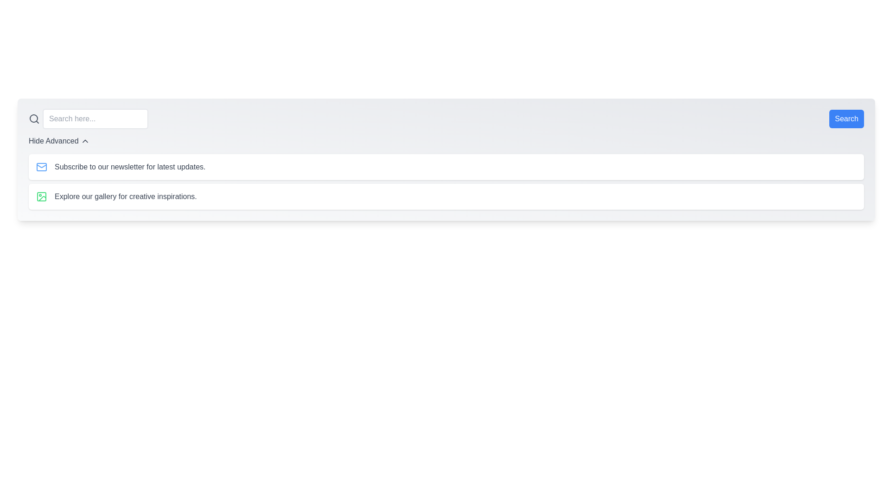  What do you see at coordinates (129, 167) in the screenshot?
I see `the static text reading 'Subscribe to our newsletter for latest updates.' which is styled in gray and is centrally placed within a white box with rounded corners` at bounding box center [129, 167].